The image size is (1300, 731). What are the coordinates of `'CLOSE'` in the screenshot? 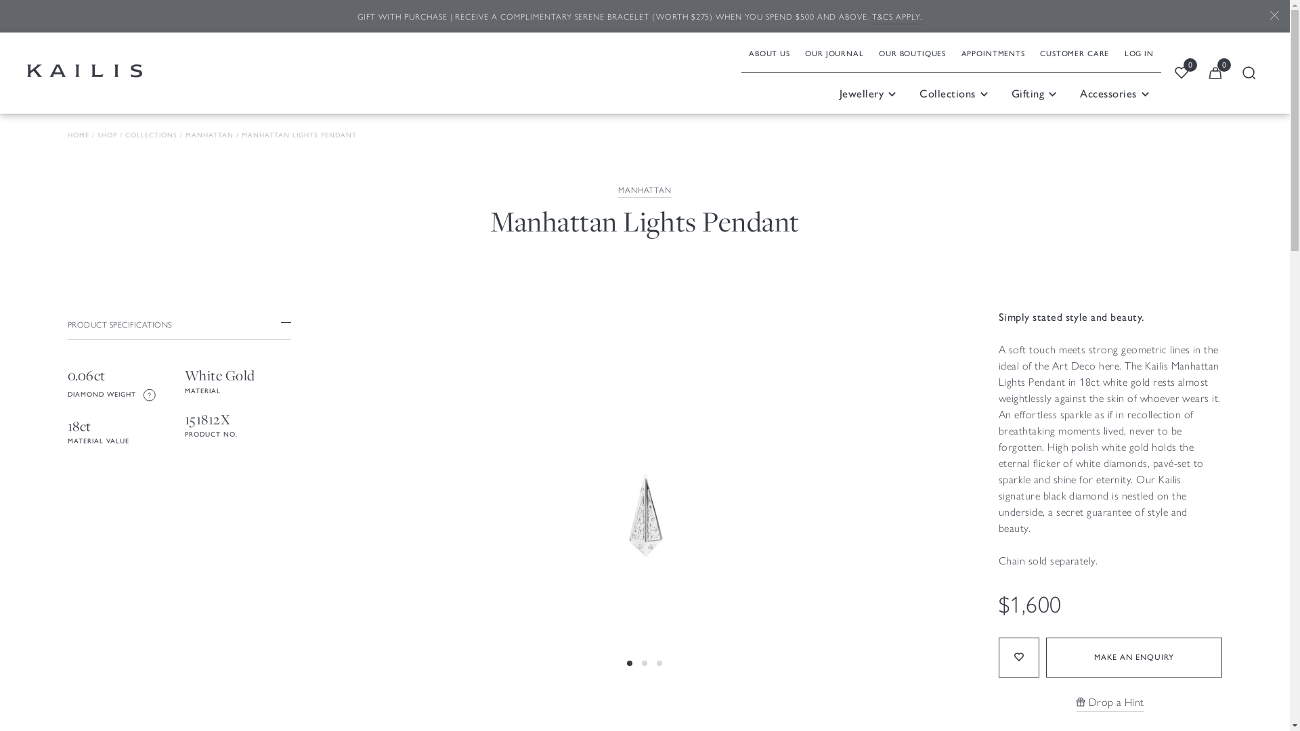 It's located at (1259, 16).